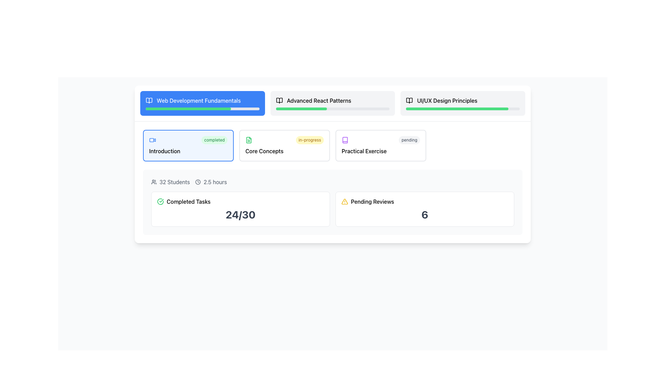  I want to click on the text header labeled 'Advanced React Patterns' which is located next to an open book icon, so click(333, 101).